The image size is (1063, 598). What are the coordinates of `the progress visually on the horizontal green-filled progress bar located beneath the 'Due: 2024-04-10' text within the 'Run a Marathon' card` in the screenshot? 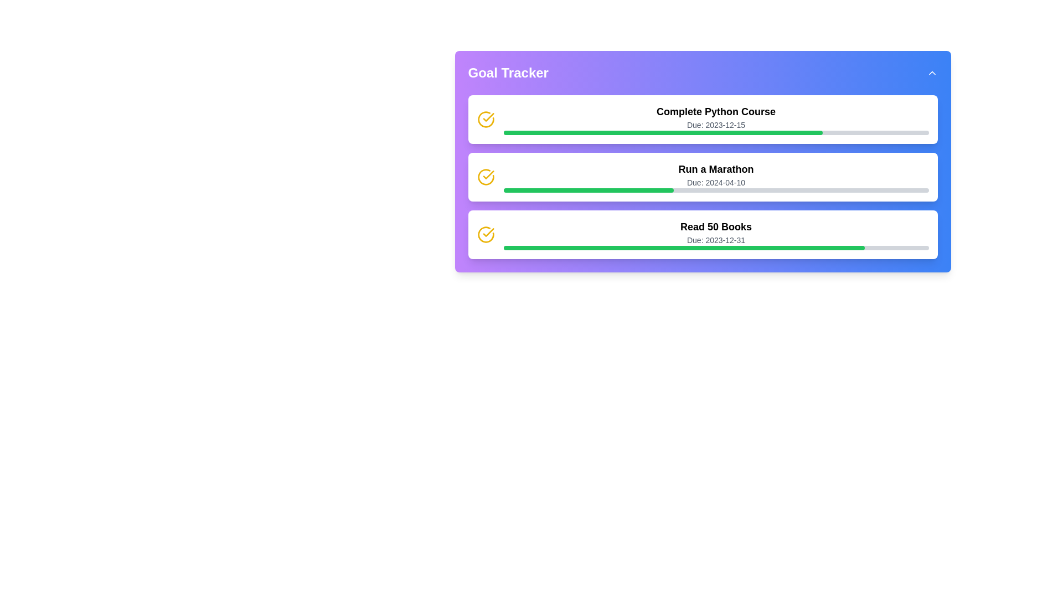 It's located at (716, 189).